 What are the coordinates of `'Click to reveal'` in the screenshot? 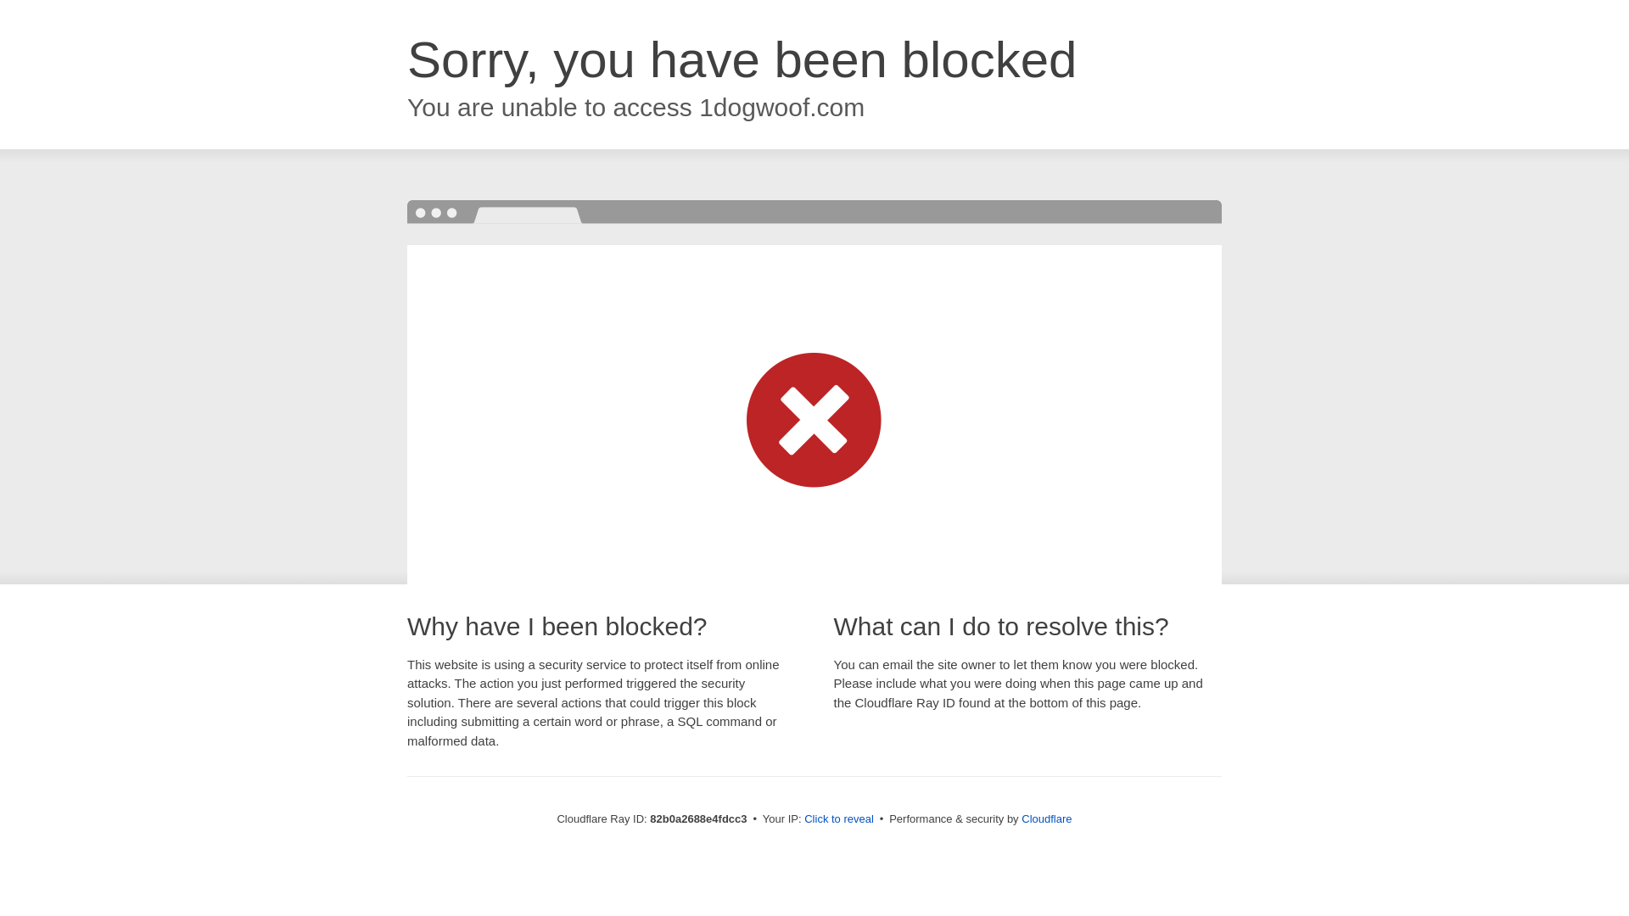 It's located at (803, 818).